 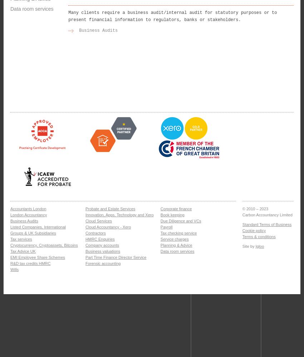 I want to click on 'Listed Companies, International Groups & UK Subsidiaries', so click(x=37, y=230).